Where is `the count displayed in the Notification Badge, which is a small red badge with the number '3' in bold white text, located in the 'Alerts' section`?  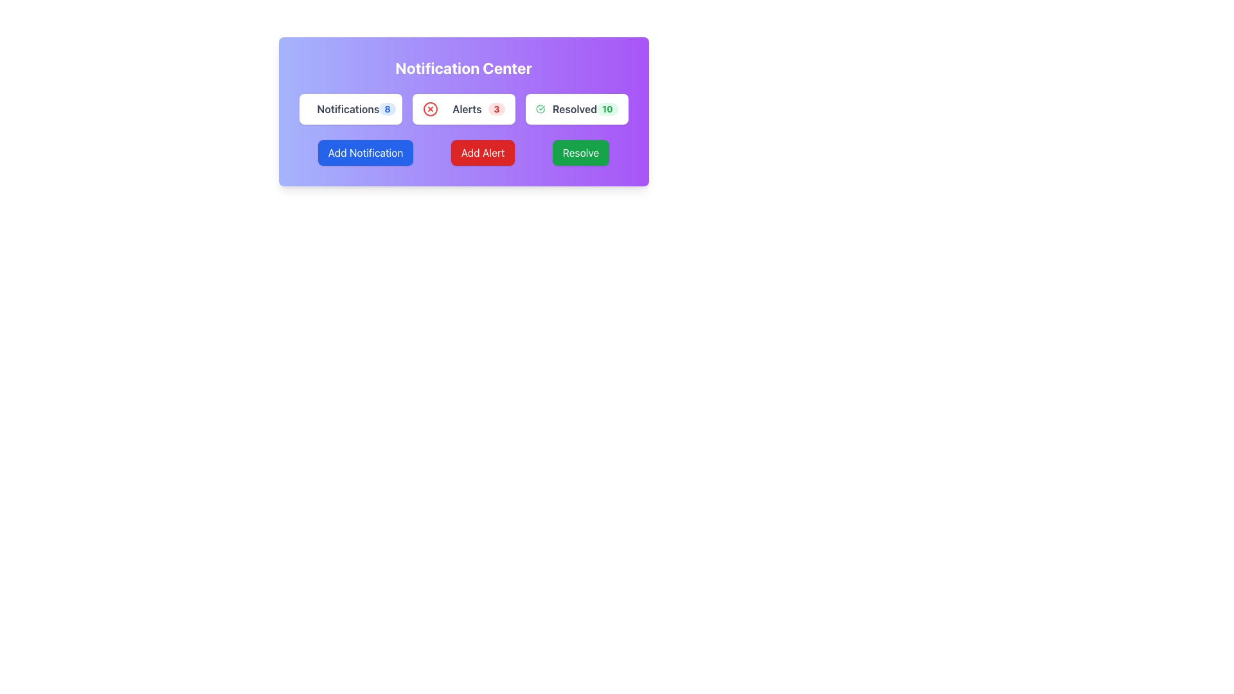
the count displayed in the Notification Badge, which is a small red badge with the number '3' in bold white text, located in the 'Alerts' section is located at coordinates (496, 108).